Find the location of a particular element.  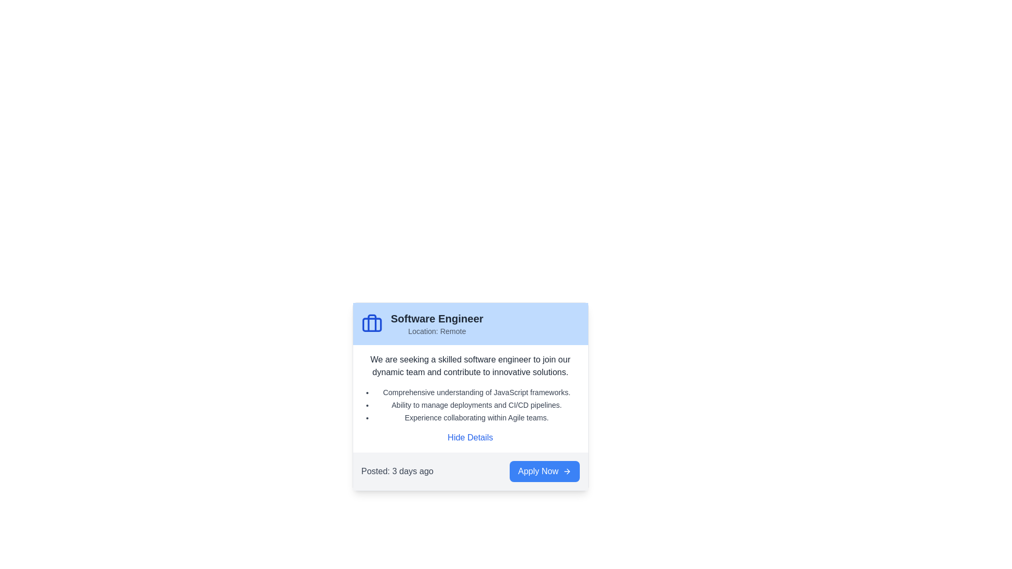

the actionable button to apply for the job located in the bottom-right corner of the grey bar under the job details, following the text 'Posted: 3 days ago' is located at coordinates (544, 470).